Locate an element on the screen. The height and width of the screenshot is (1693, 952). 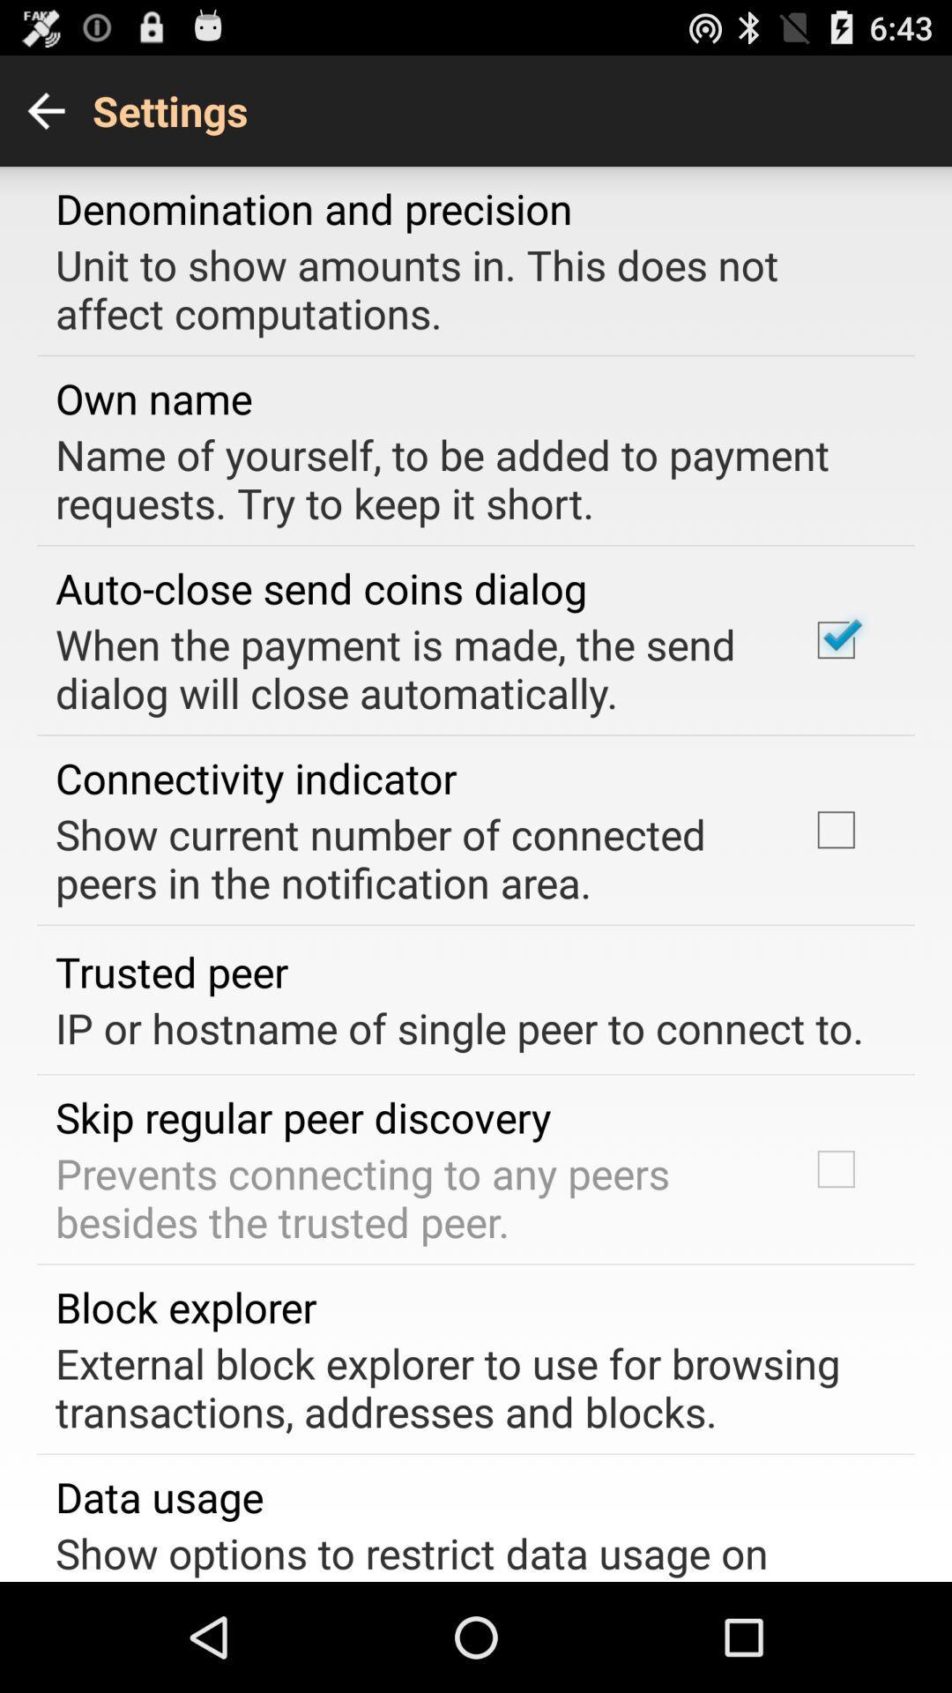
app below skip regular peer item is located at coordinates (408, 1197).